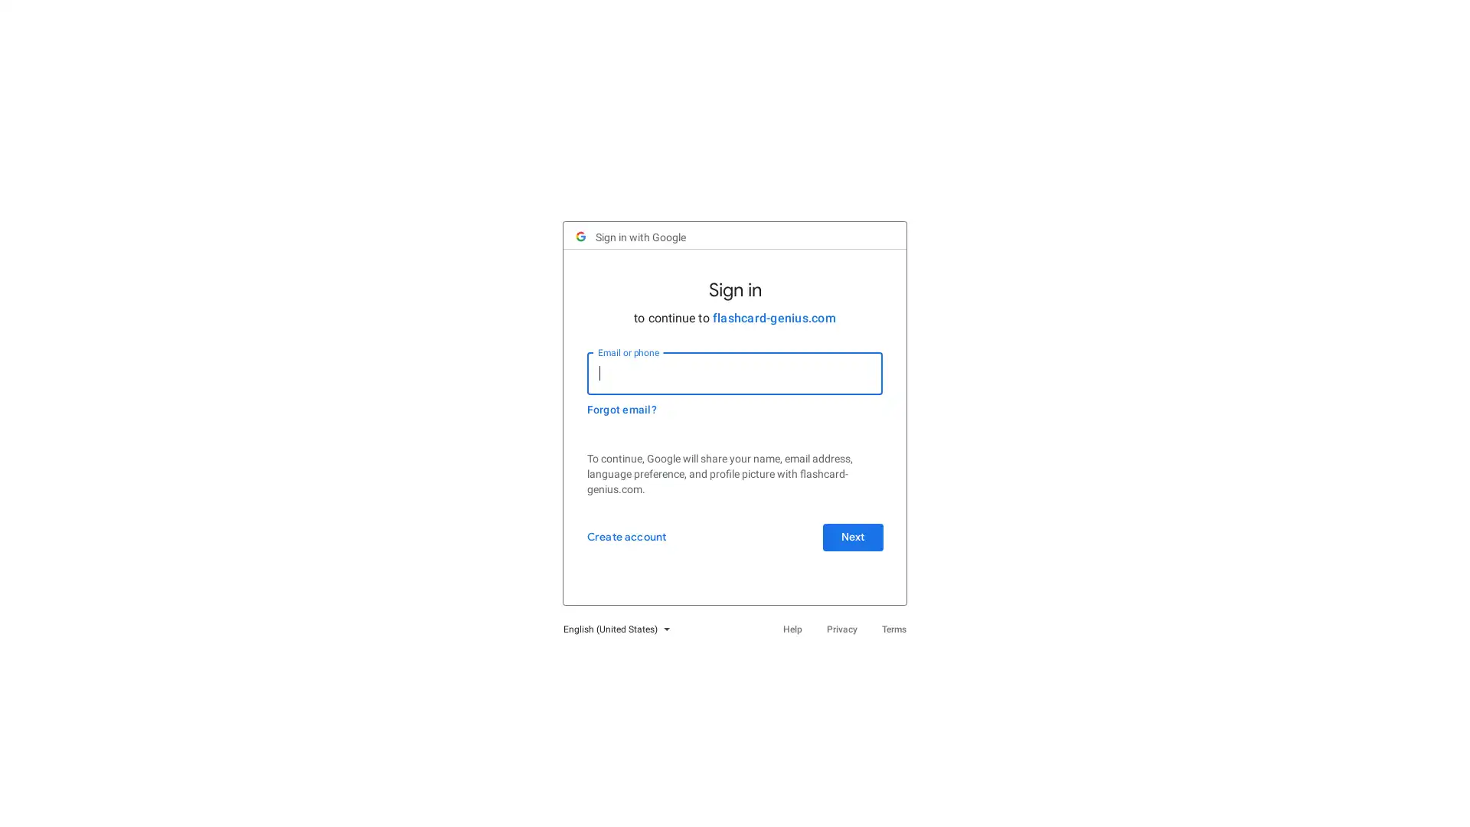  I want to click on Create account, so click(633, 545).